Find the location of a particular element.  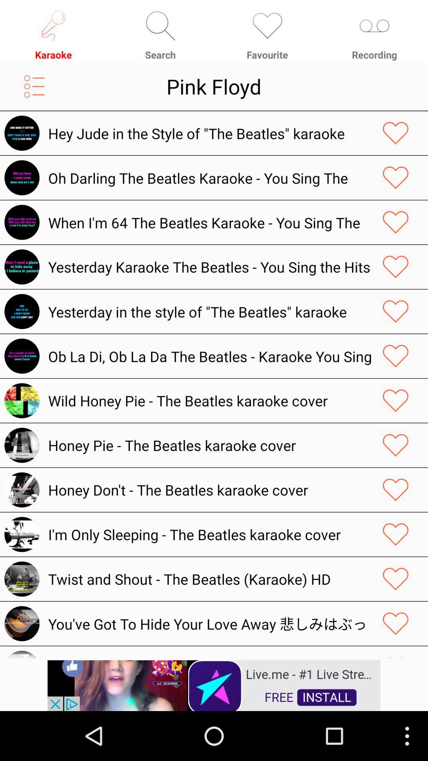

this song is located at coordinates (396, 311).